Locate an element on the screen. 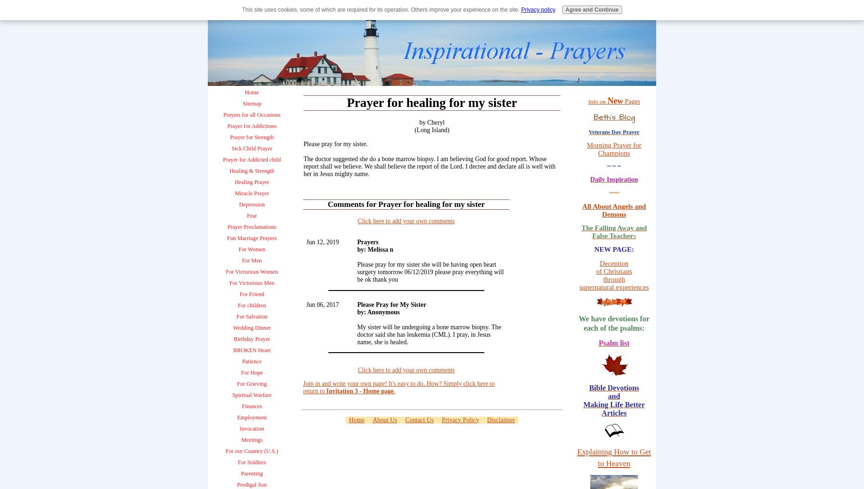 The height and width of the screenshot is (489, 864). 'Wedding Dinner' is located at coordinates (252, 327).